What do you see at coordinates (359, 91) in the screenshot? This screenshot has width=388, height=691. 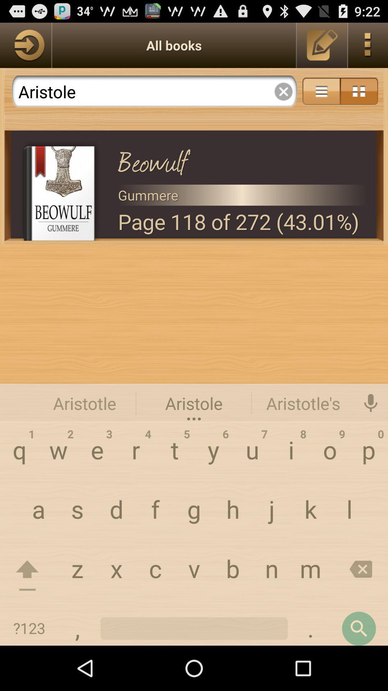 I see `menu option` at bounding box center [359, 91].